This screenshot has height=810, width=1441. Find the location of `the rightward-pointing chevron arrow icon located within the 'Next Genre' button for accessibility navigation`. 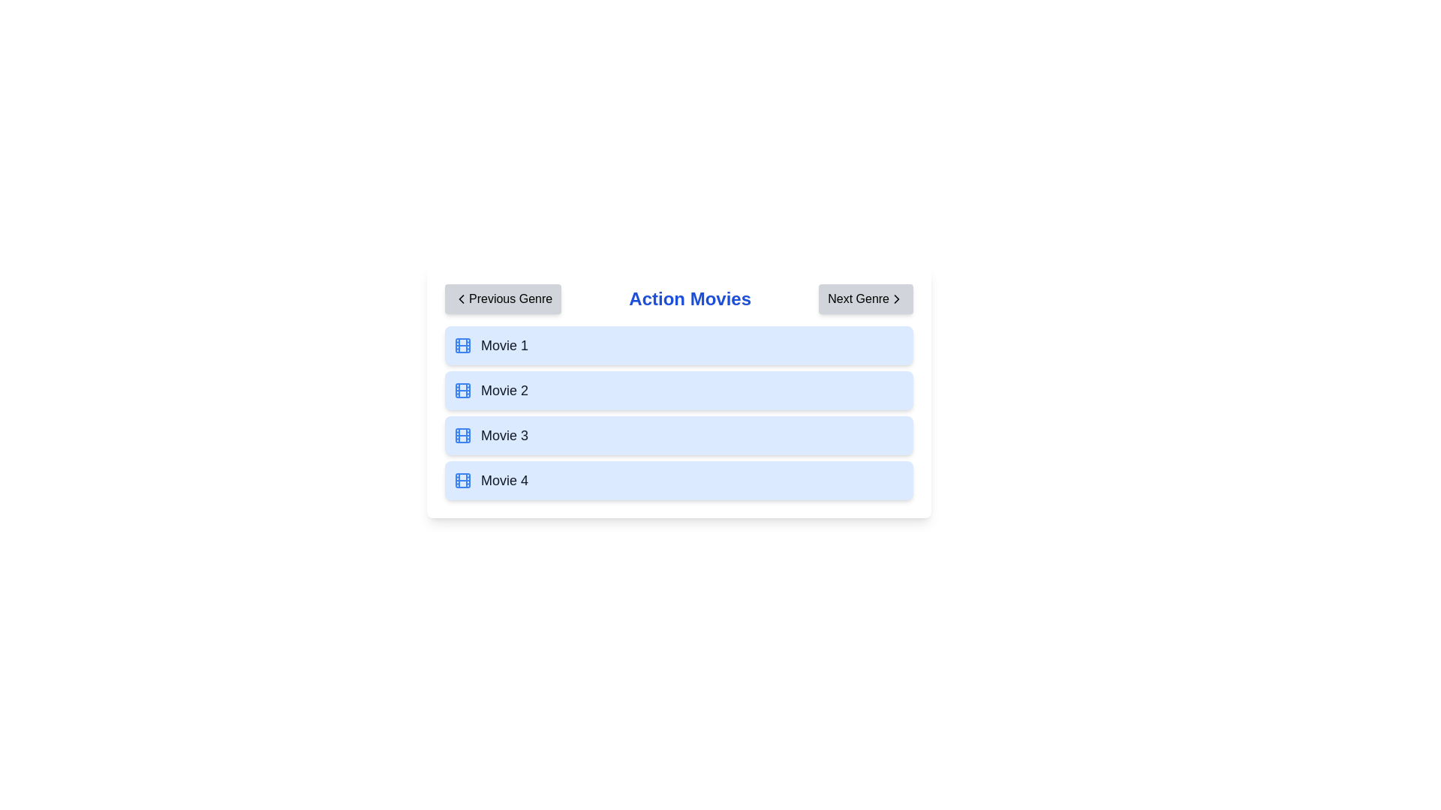

the rightward-pointing chevron arrow icon located within the 'Next Genre' button for accessibility navigation is located at coordinates (897, 298).